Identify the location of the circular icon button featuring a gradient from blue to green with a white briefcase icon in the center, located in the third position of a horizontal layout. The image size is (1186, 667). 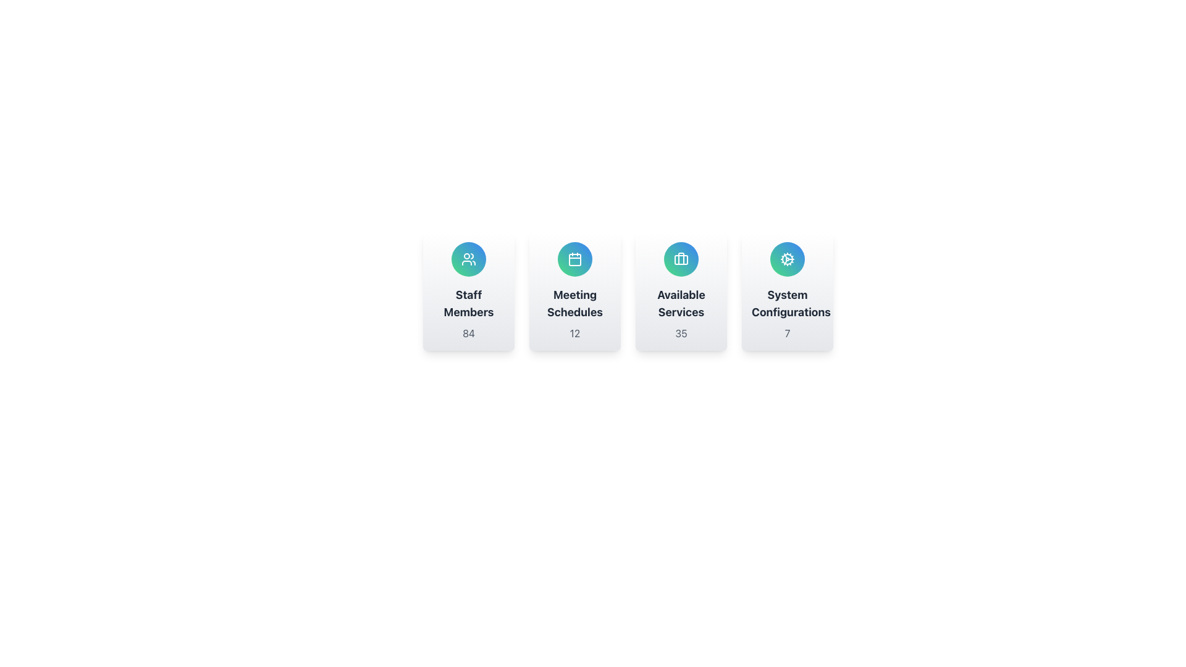
(681, 259).